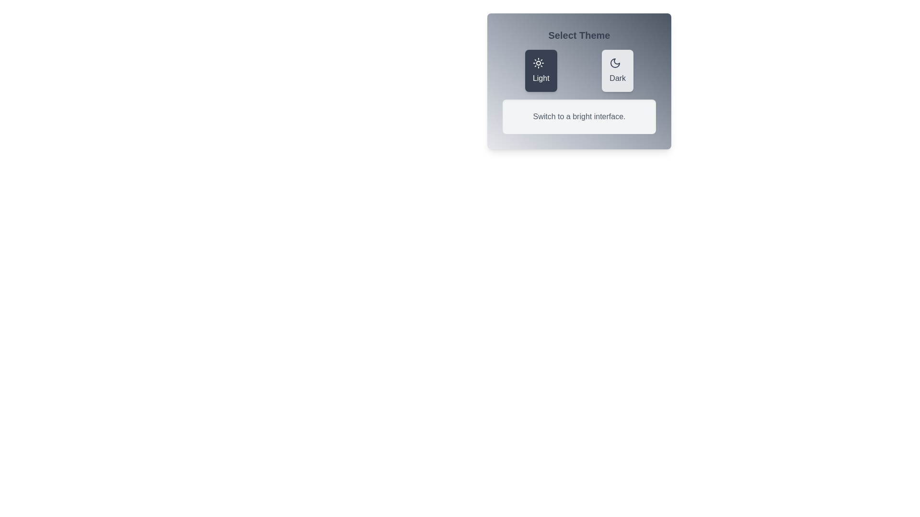 The width and height of the screenshot is (920, 517). I want to click on the 'Dark' button to switch the theme, so click(618, 70).